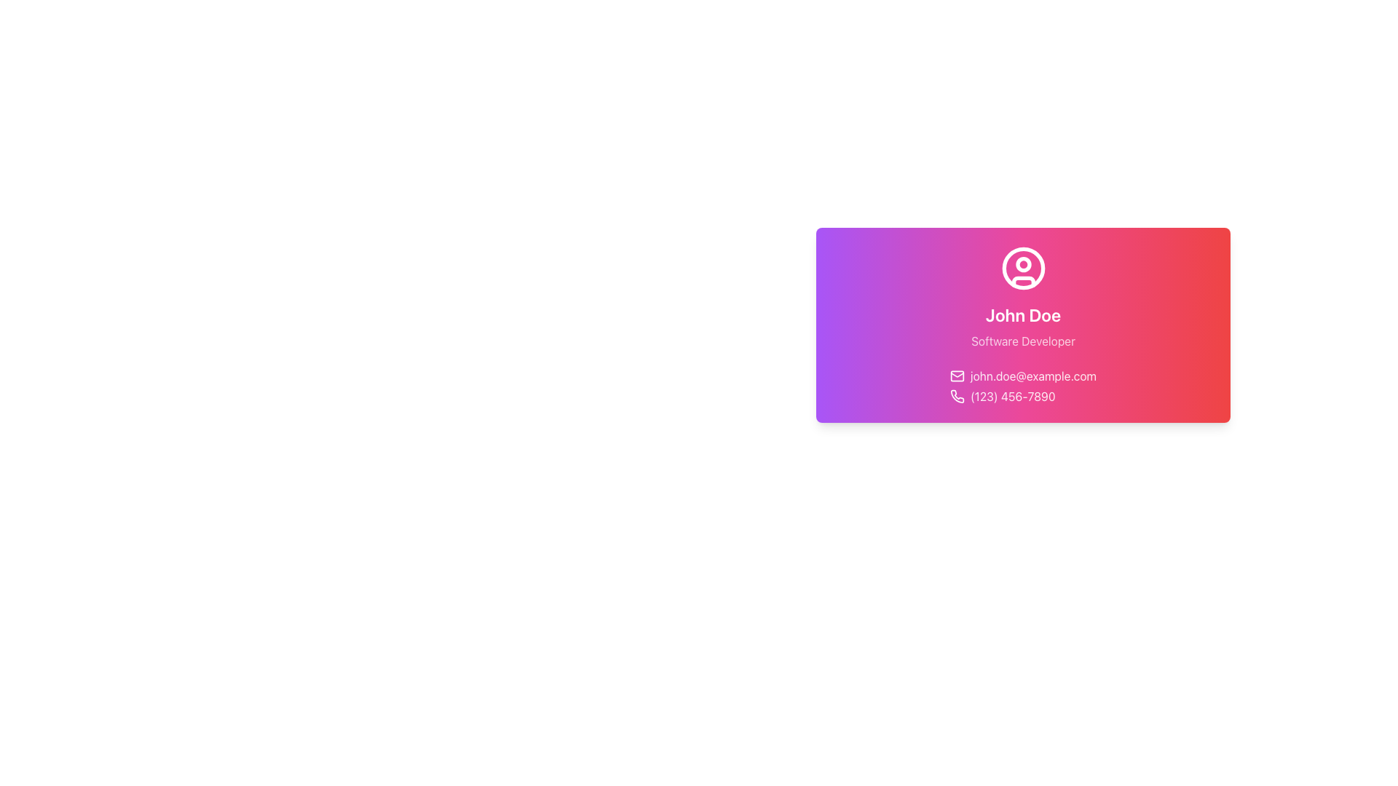 The width and height of the screenshot is (1398, 786). I want to click on the small envelope icon located to the left of the text 'john.doe@example.com' within the card layout, so click(957, 375).